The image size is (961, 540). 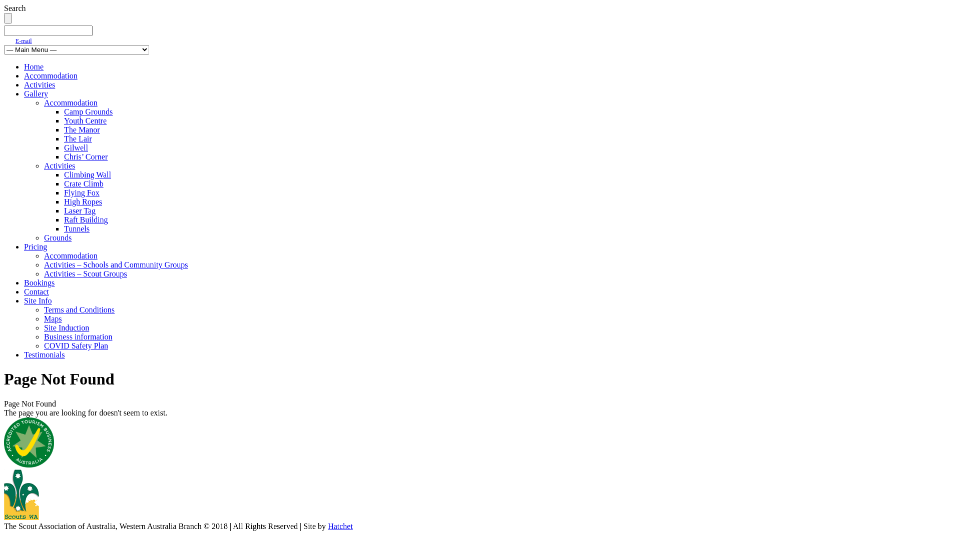 What do you see at coordinates (78, 336) in the screenshot?
I see `'Business information'` at bounding box center [78, 336].